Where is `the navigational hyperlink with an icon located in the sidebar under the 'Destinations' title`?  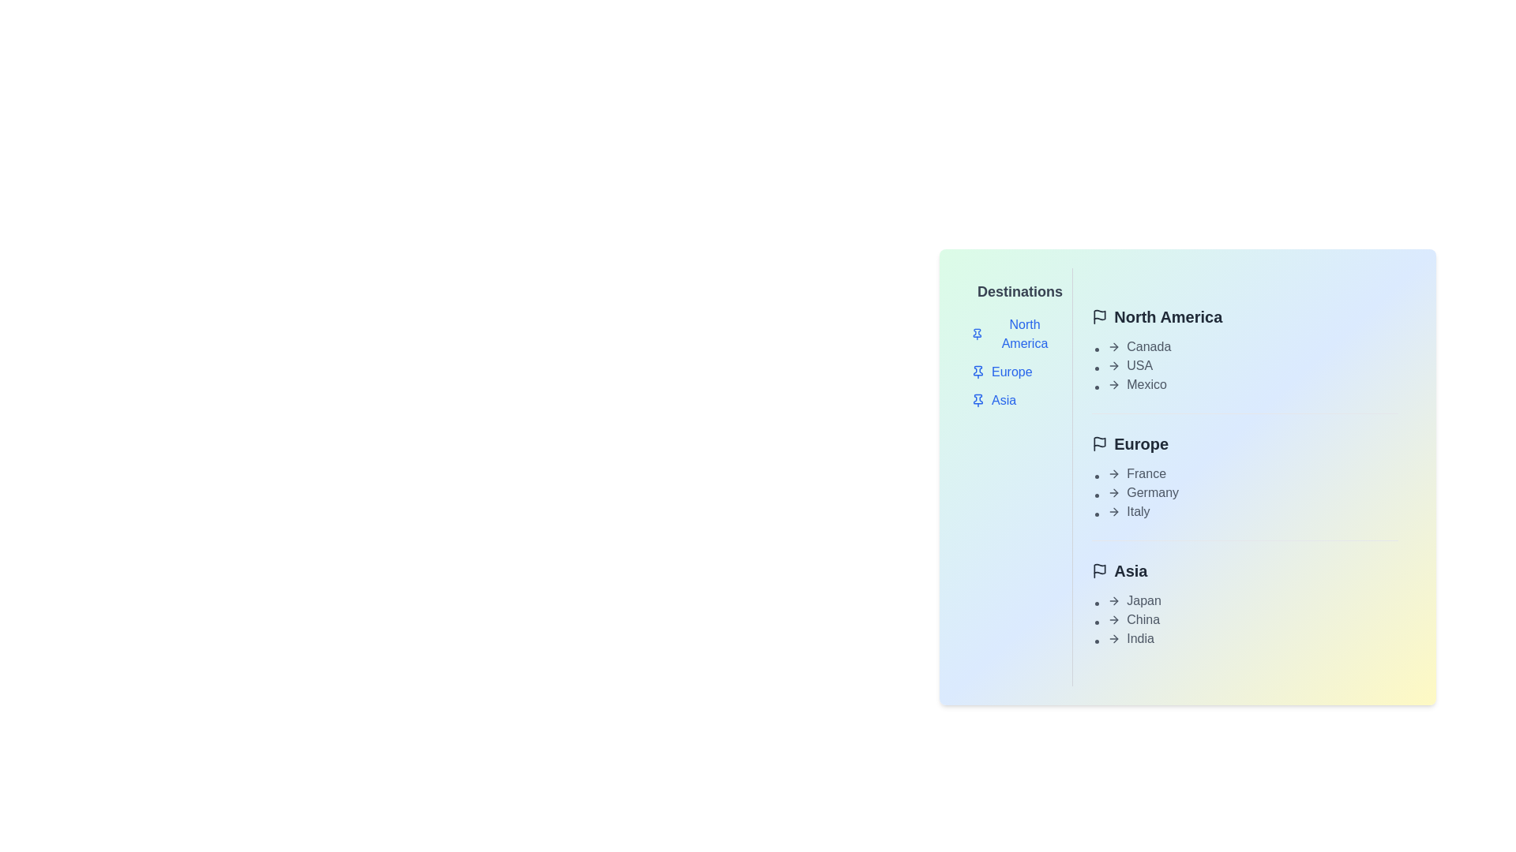 the navigational hyperlink with an icon located in the sidebar under the 'Destinations' title is located at coordinates (1015, 334).